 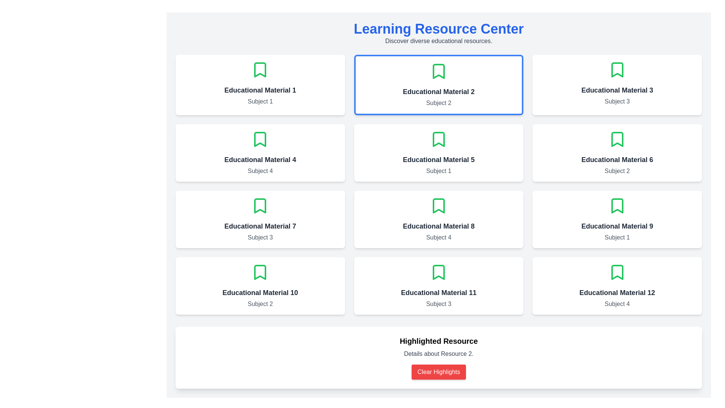 I want to click on the green outlined bookmark icon located in the bottom-right card labeled 'Educational Material 12', so click(x=617, y=272).